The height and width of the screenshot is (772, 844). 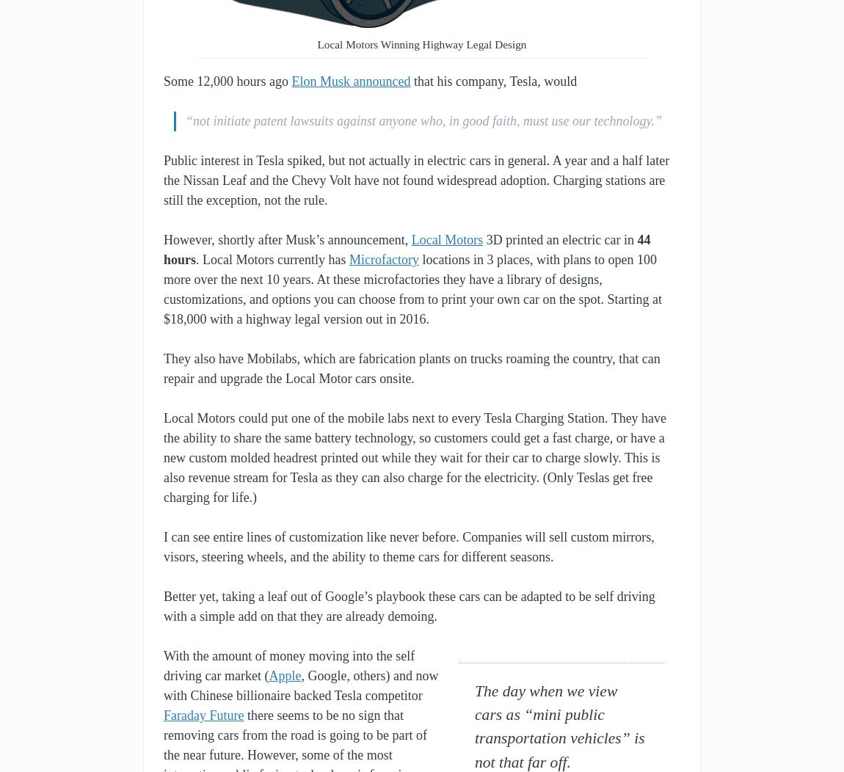 I want to click on 'Microfactory', so click(x=383, y=259).